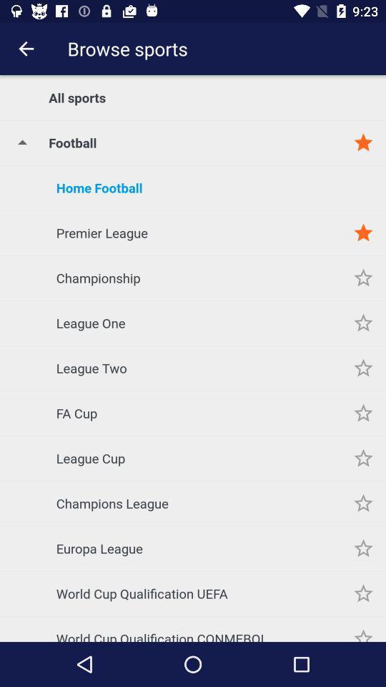  I want to click on this selection, so click(363, 277).